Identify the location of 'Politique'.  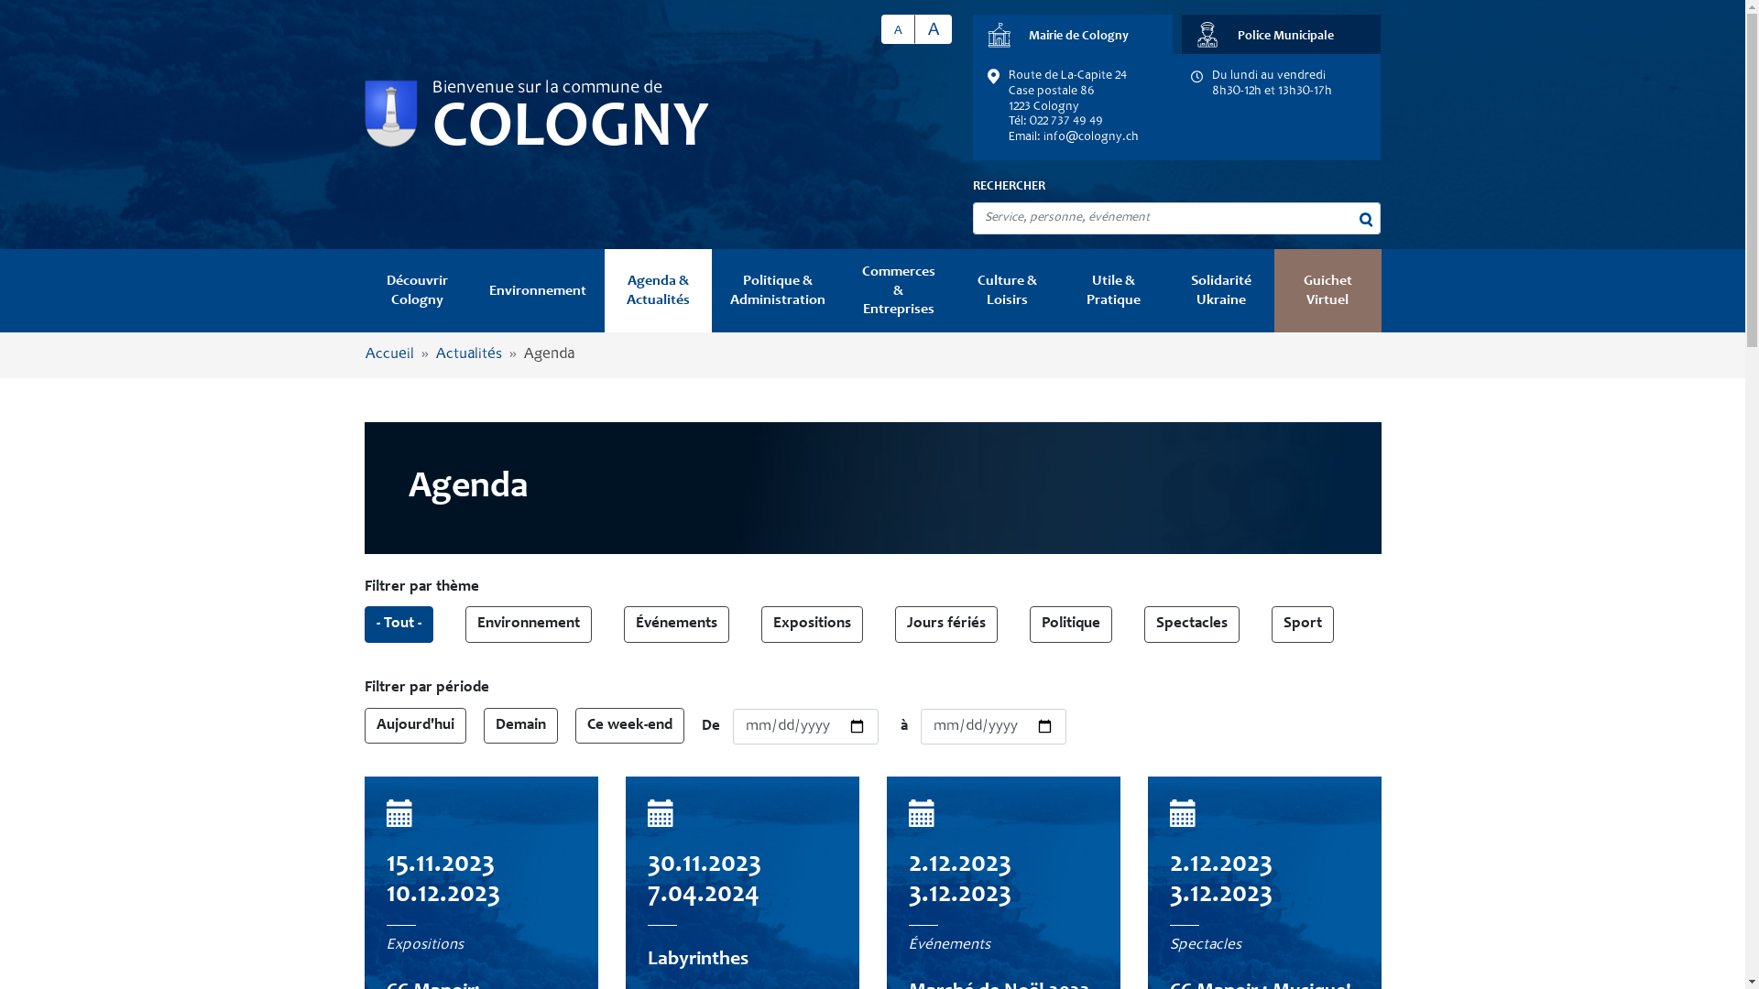
(1071, 624).